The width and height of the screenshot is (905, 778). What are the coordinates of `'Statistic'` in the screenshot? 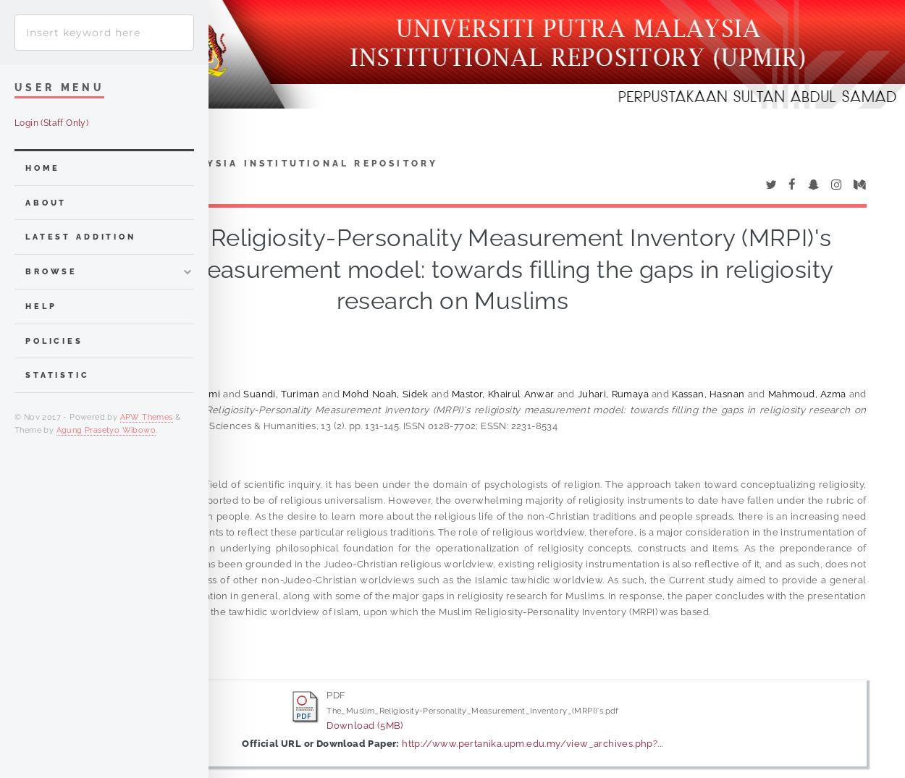 It's located at (56, 374).